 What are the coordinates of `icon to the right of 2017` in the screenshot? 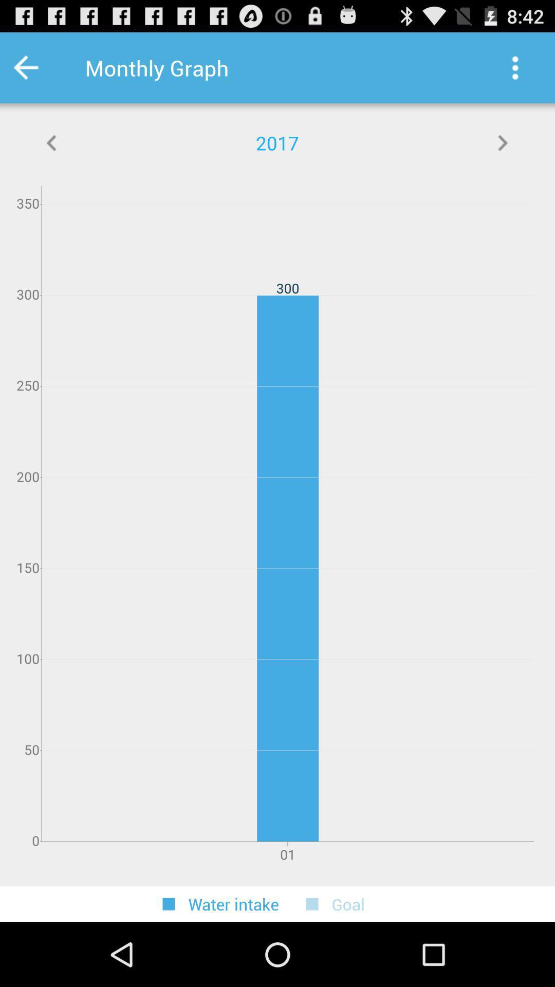 It's located at (502, 142).